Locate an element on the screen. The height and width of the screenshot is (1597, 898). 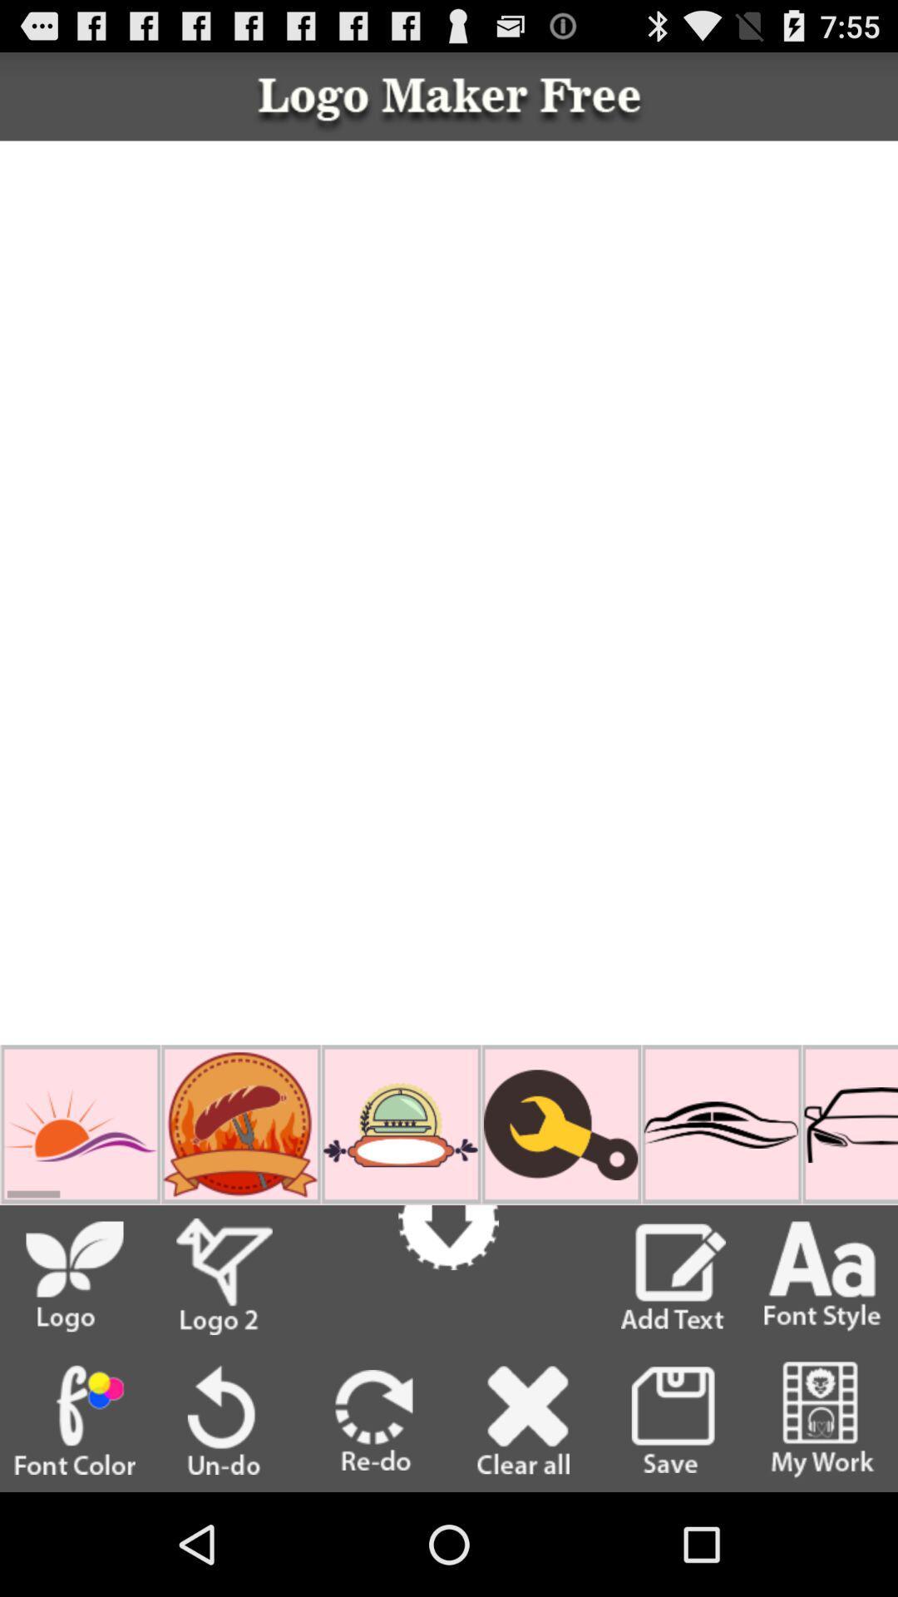
the edit icon is located at coordinates (673, 1366).